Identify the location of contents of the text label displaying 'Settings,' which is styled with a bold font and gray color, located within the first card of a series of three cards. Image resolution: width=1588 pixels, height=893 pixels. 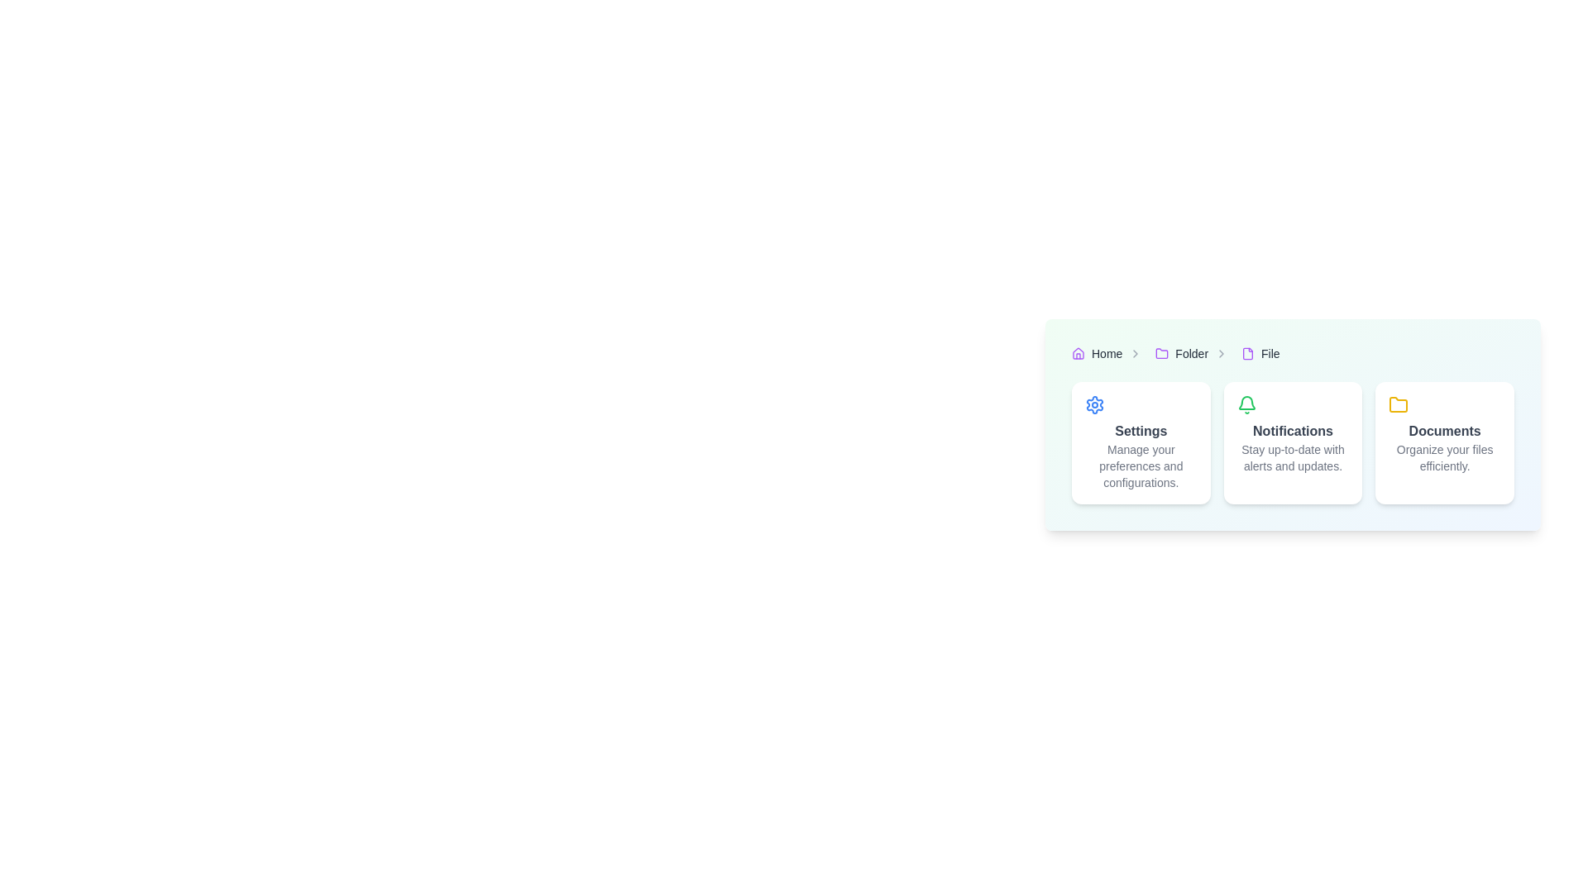
(1140, 430).